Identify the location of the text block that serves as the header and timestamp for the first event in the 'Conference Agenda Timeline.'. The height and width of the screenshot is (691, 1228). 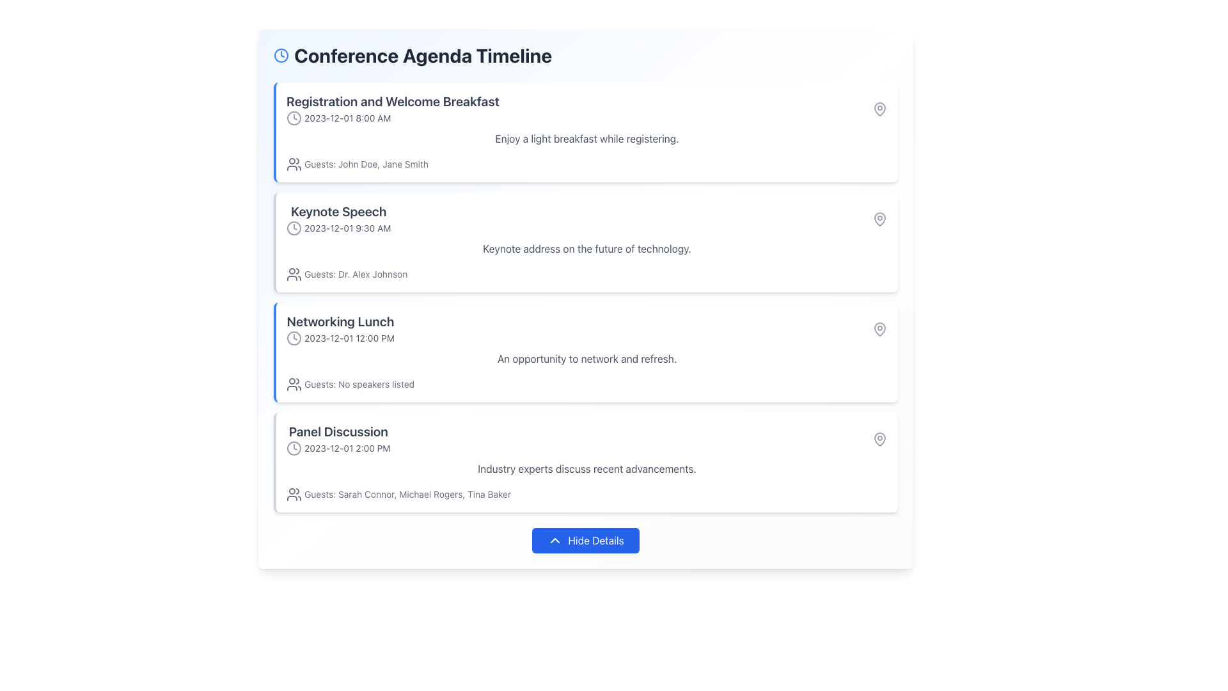
(392, 108).